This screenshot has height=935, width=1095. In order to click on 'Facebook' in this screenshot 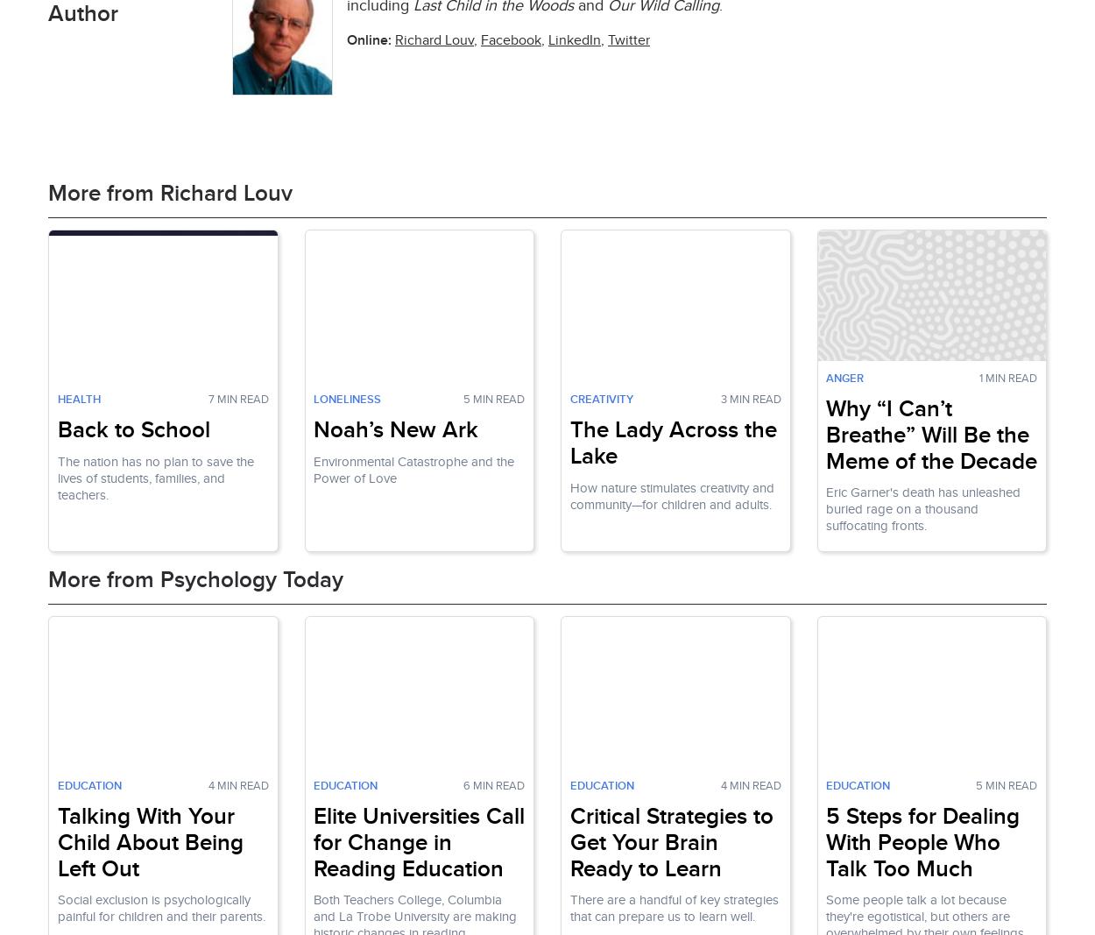, I will do `click(510, 38)`.